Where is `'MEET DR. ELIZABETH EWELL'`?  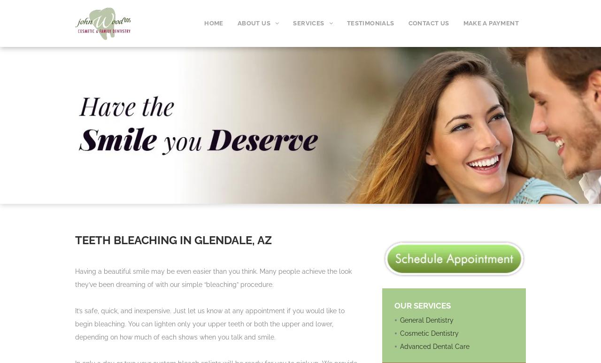
'MEET DR. ELIZABETH EWELL' is located at coordinates (244, 49).